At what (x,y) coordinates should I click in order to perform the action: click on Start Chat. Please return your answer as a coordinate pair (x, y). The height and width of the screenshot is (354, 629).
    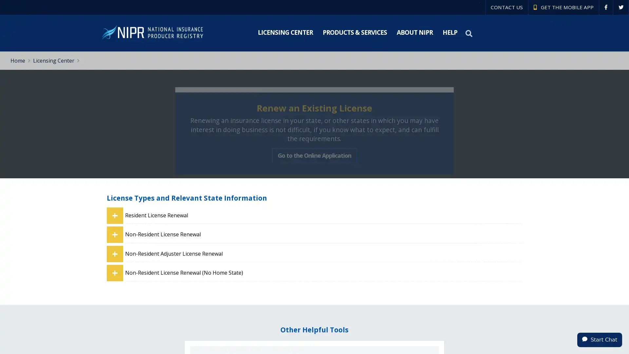
    Looking at the image, I should click on (600, 339).